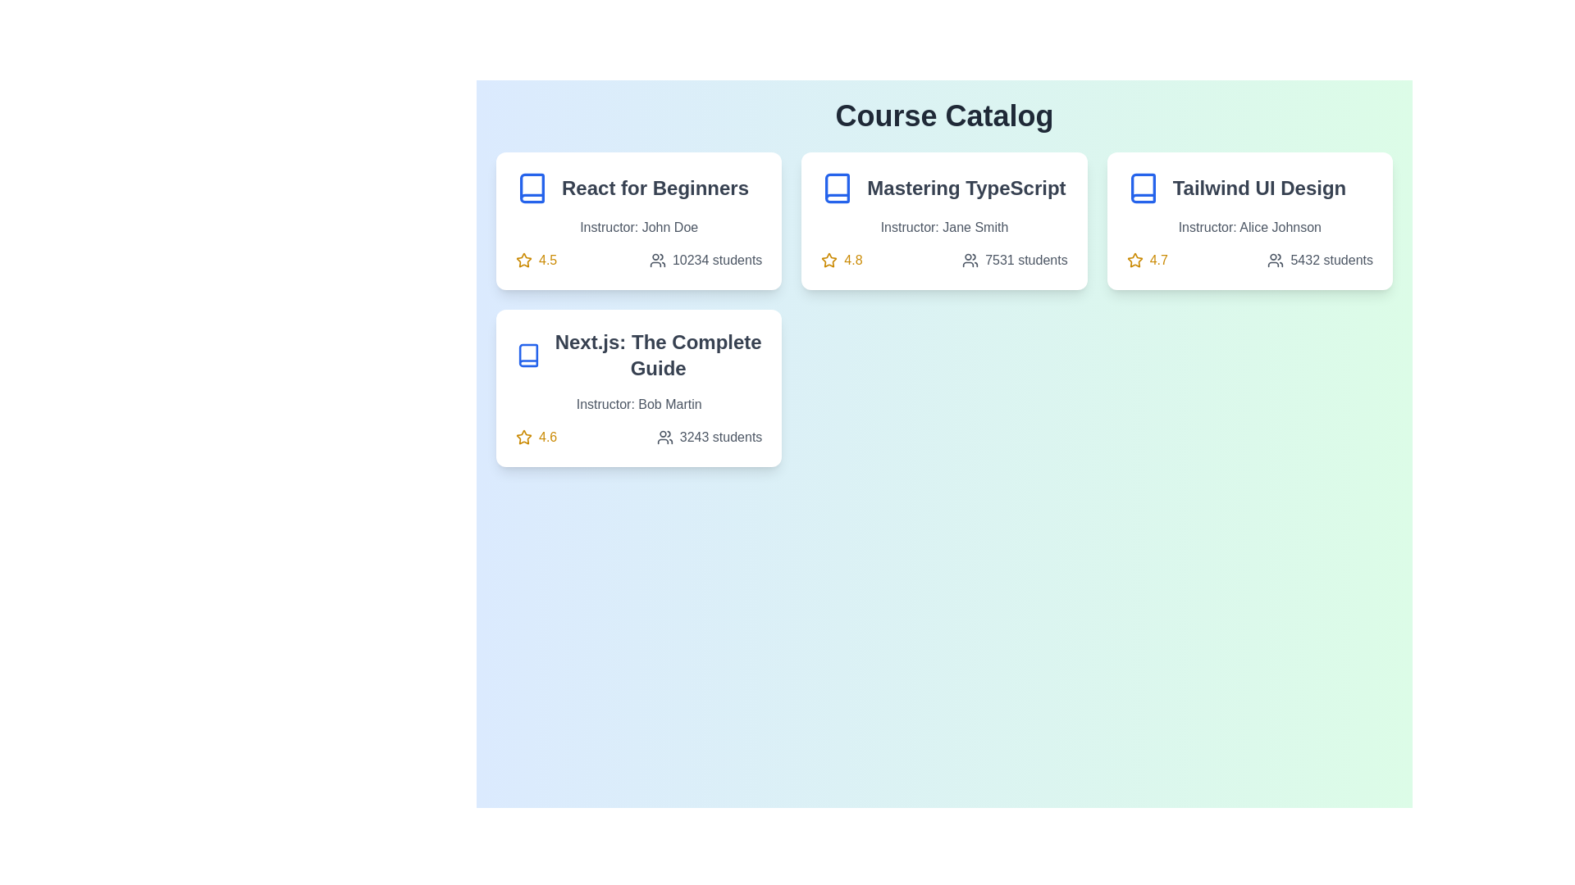  What do you see at coordinates (1025, 259) in the screenshot?
I see `text content of the label indicating the number of students enrolled in the course, located in the second card of the upper row, to the right of the user icon` at bounding box center [1025, 259].